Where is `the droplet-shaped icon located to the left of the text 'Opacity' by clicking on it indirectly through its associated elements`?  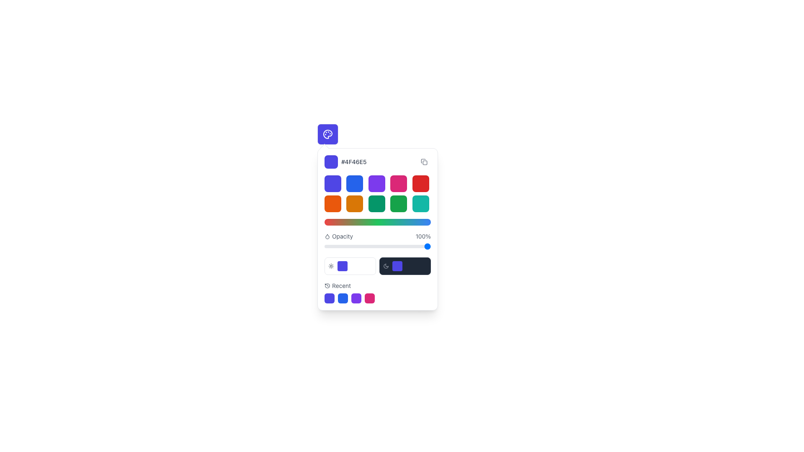
the droplet-shaped icon located to the left of the text 'Opacity' by clicking on it indirectly through its associated elements is located at coordinates (327, 236).